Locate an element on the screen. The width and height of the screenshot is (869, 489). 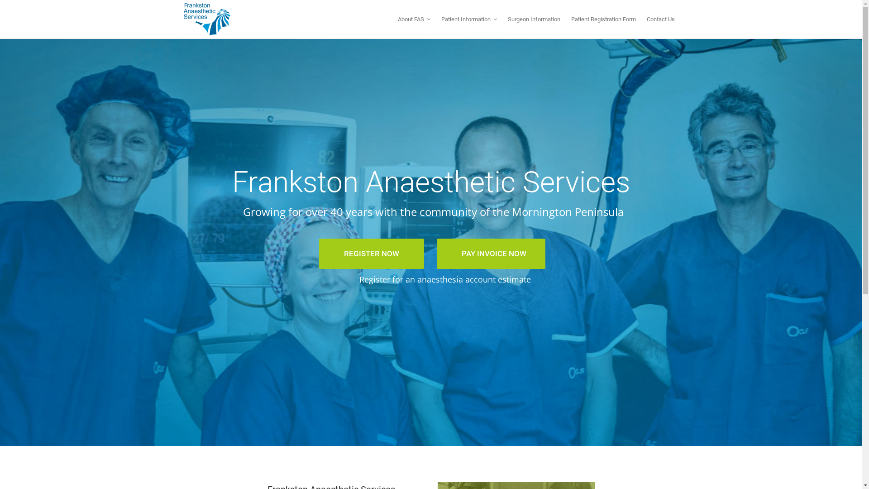
'Powered by 20-80 Solutions' is located at coordinates (483, 475).